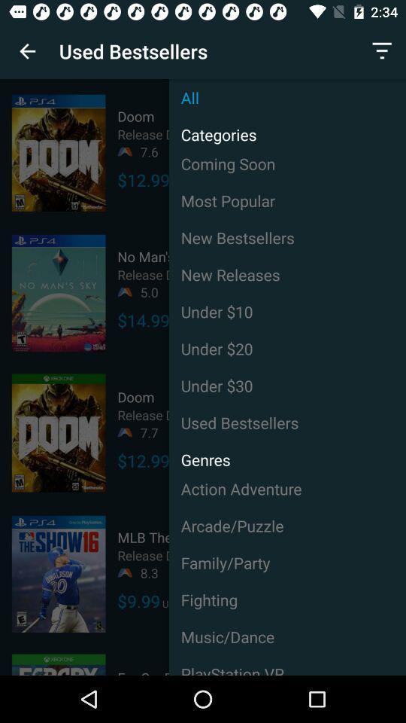 This screenshot has height=723, width=406. What do you see at coordinates (287, 526) in the screenshot?
I see `arcade/puzzle icon` at bounding box center [287, 526].